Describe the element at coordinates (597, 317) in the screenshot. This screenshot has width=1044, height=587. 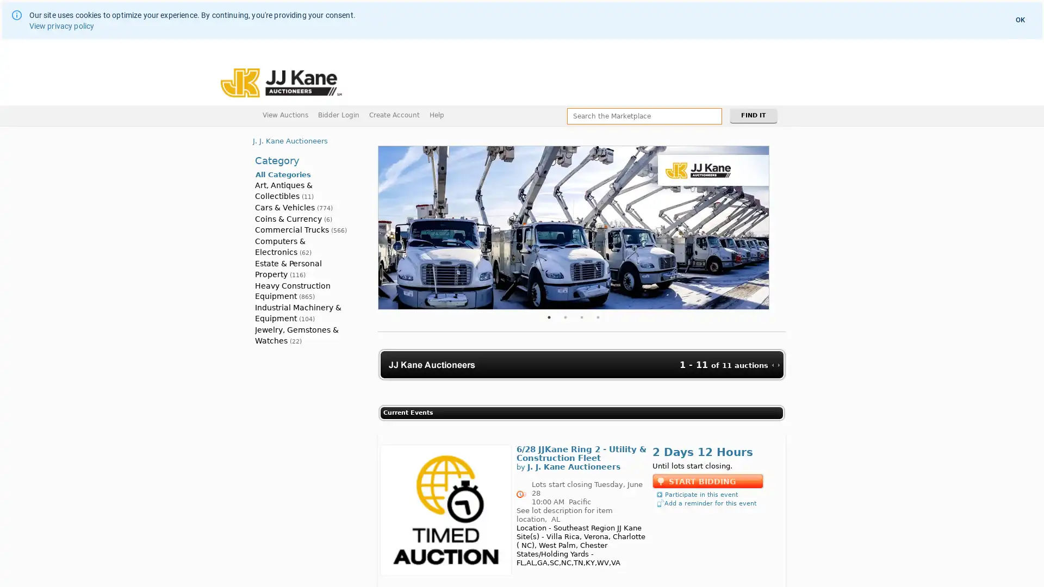
I see `4` at that location.